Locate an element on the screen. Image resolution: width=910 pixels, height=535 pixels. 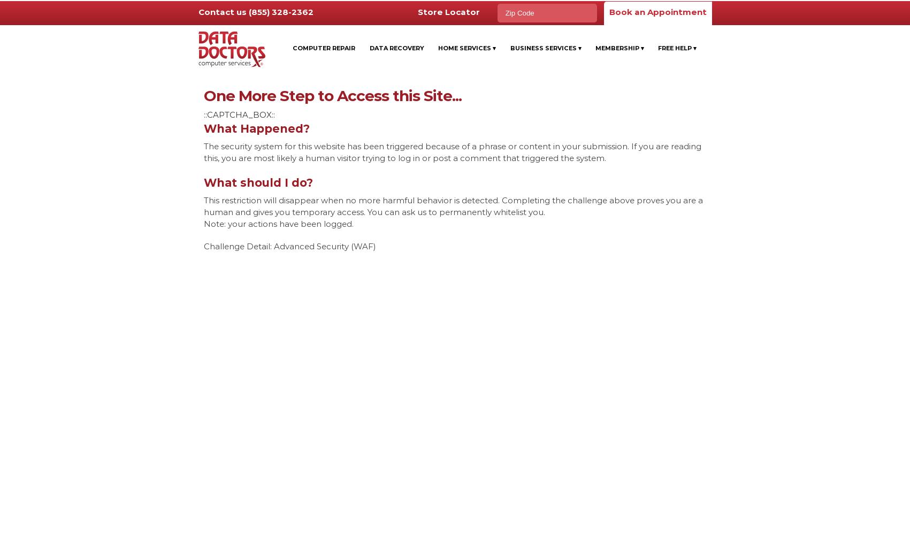
'::CAPTCHA_BOX::' is located at coordinates (203, 114).